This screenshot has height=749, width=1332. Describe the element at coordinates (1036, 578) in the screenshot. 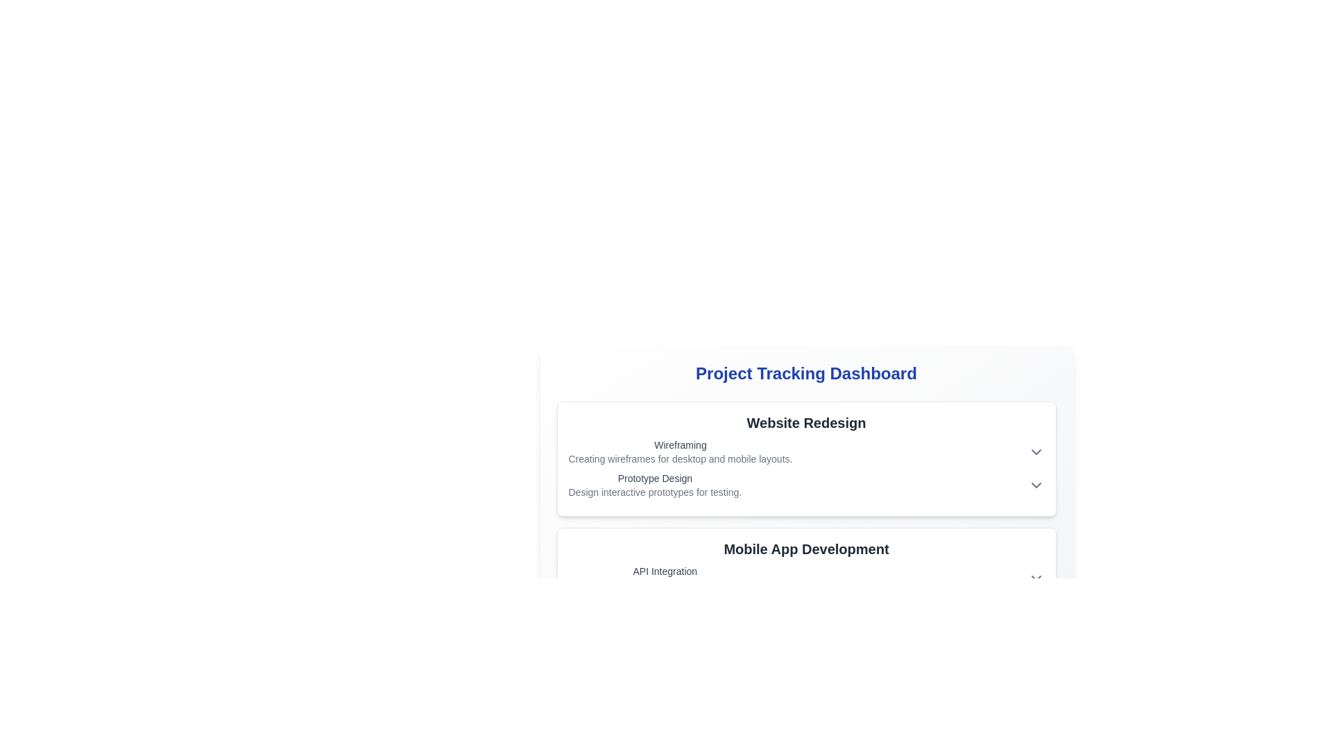

I see `the Icon button at the right edge of the 'API Integration' section` at that location.